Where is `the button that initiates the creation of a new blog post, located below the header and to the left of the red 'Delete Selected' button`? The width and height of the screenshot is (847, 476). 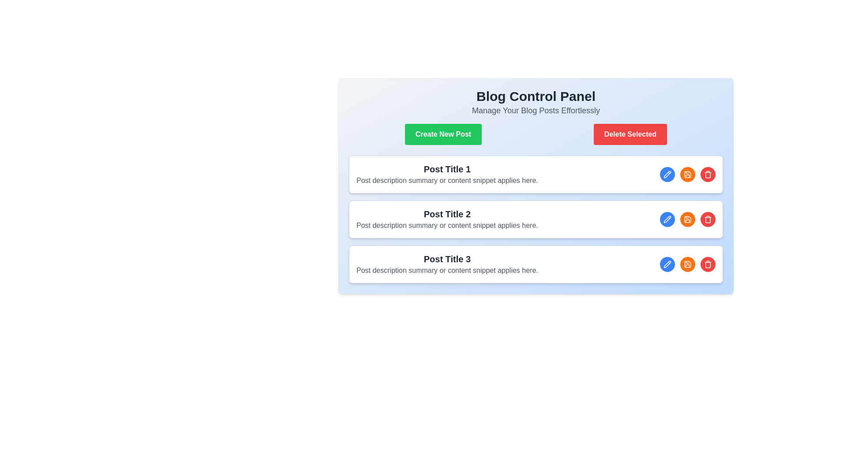 the button that initiates the creation of a new blog post, located below the header and to the left of the red 'Delete Selected' button is located at coordinates (442, 134).